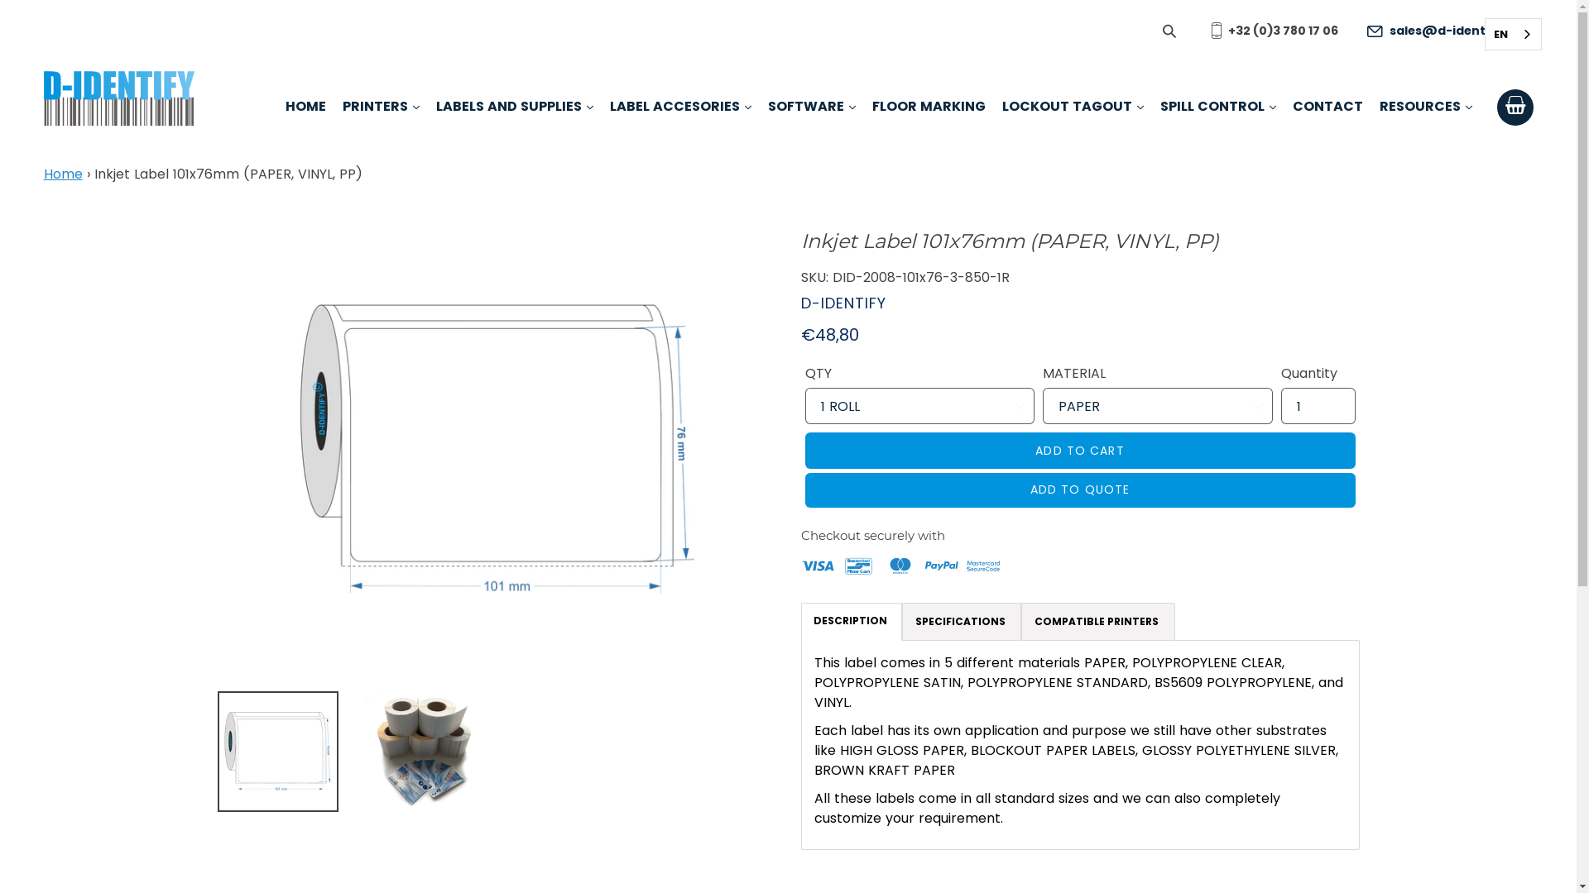  What do you see at coordinates (1443, 31) in the screenshot?
I see `'sales@d-identify.be'` at bounding box center [1443, 31].